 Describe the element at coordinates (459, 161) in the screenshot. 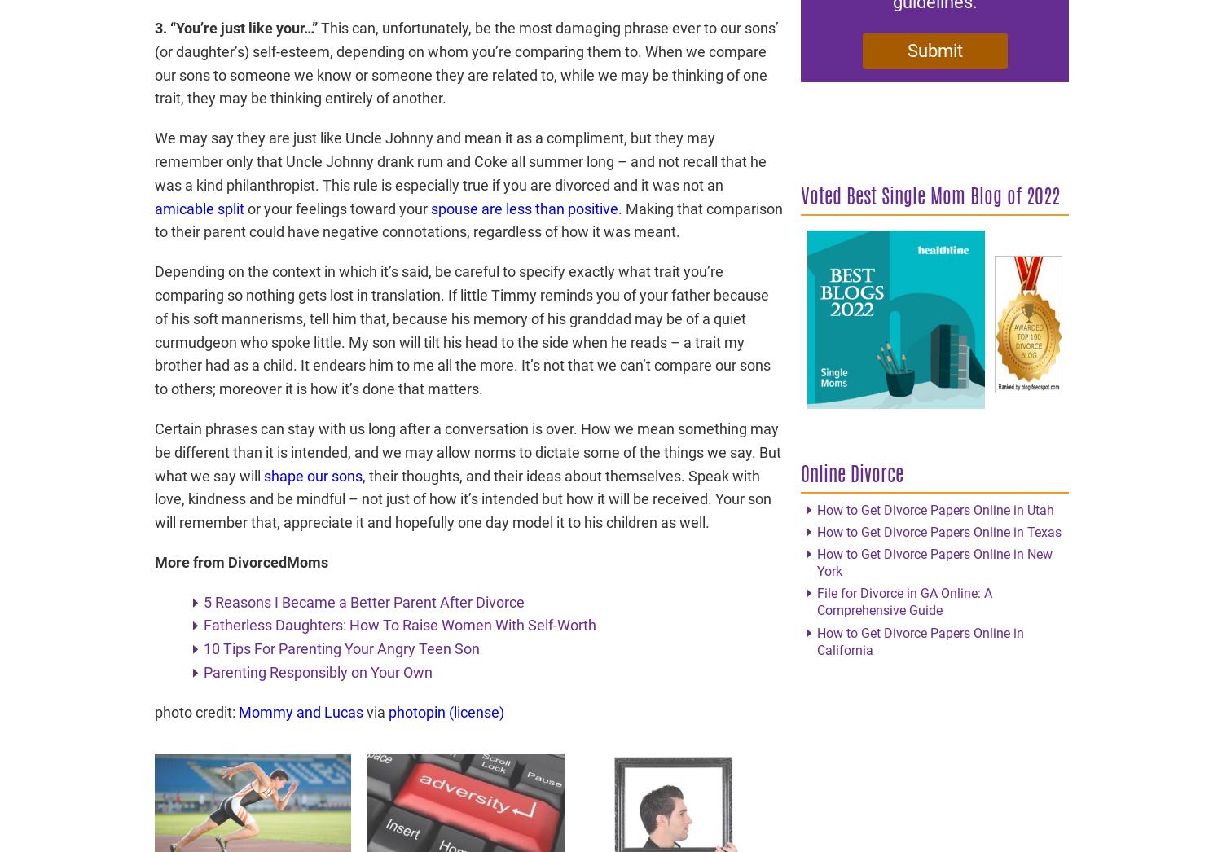

I see `'We may say they are just like Uncle Johnny and mean it as a compliment, but they may remember only that Uncle Johnny drank rum and Coke all summer long – and not recall that he was a kind philanthropist. This rule is especially true if you are divorced and it was not an'` at that location.